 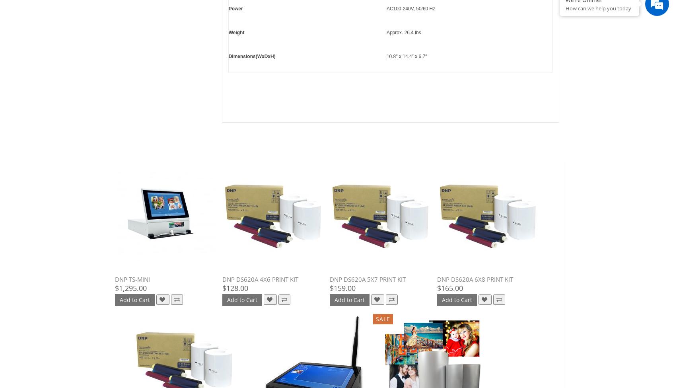 What do you see at coordinates (368, 279) in the screenshot?
I see `'DNP DS620A 5x7 Print Kit'` at bounding box center [368, 279].